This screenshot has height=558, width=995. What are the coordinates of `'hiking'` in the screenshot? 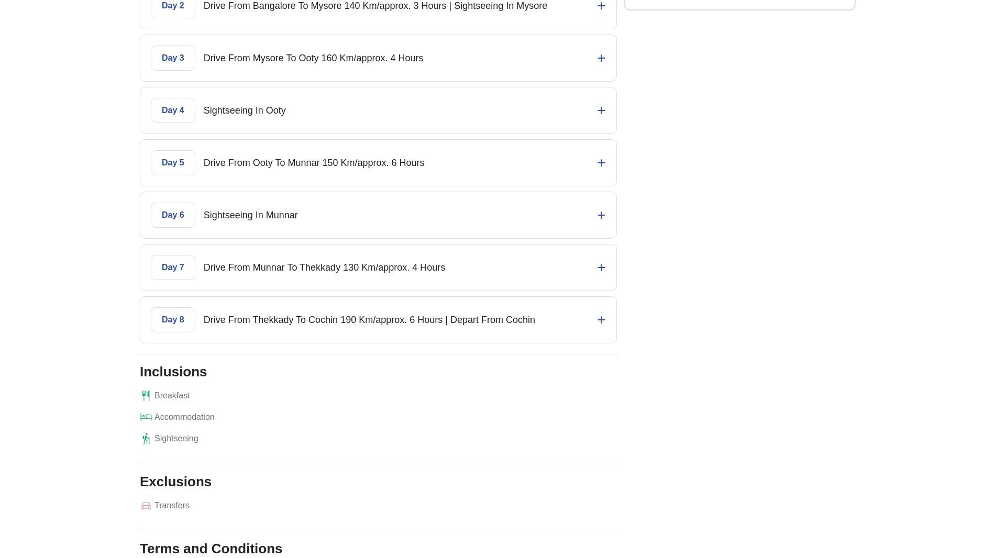 It's located at (145, 438).